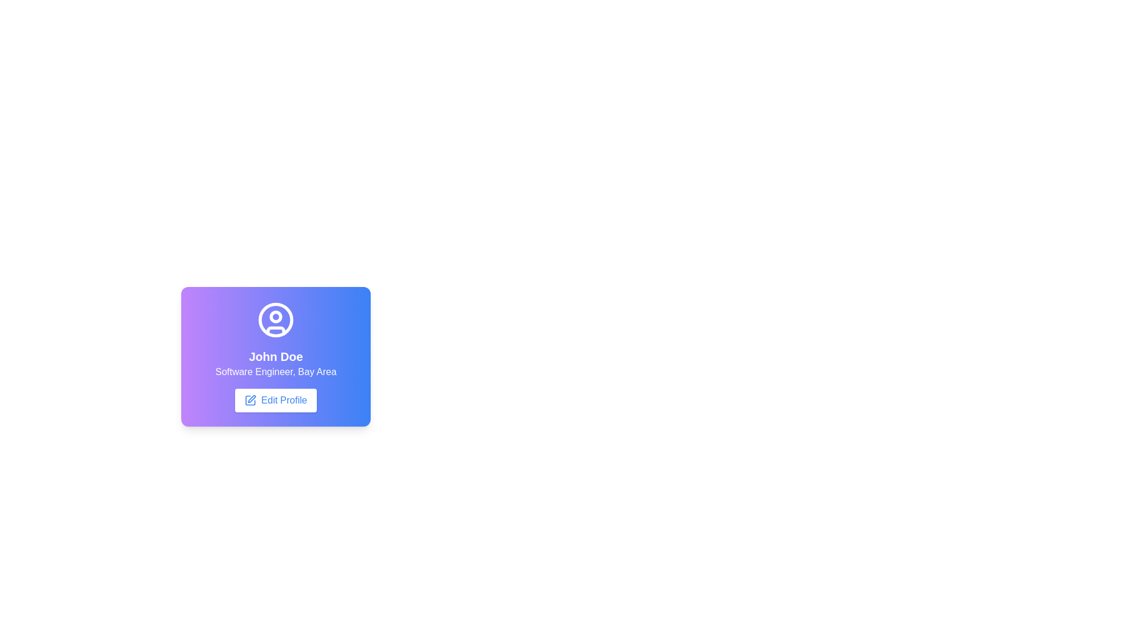 Image resolution: width=1137 pixels, height=639 pixels. Describe the element at coordinates (251, 399) in the screenshot. I see `the non-interactive pen icon within the 'Edit Profile' button, which is styled with a blue stroke and located near the left side of the button` at that location.